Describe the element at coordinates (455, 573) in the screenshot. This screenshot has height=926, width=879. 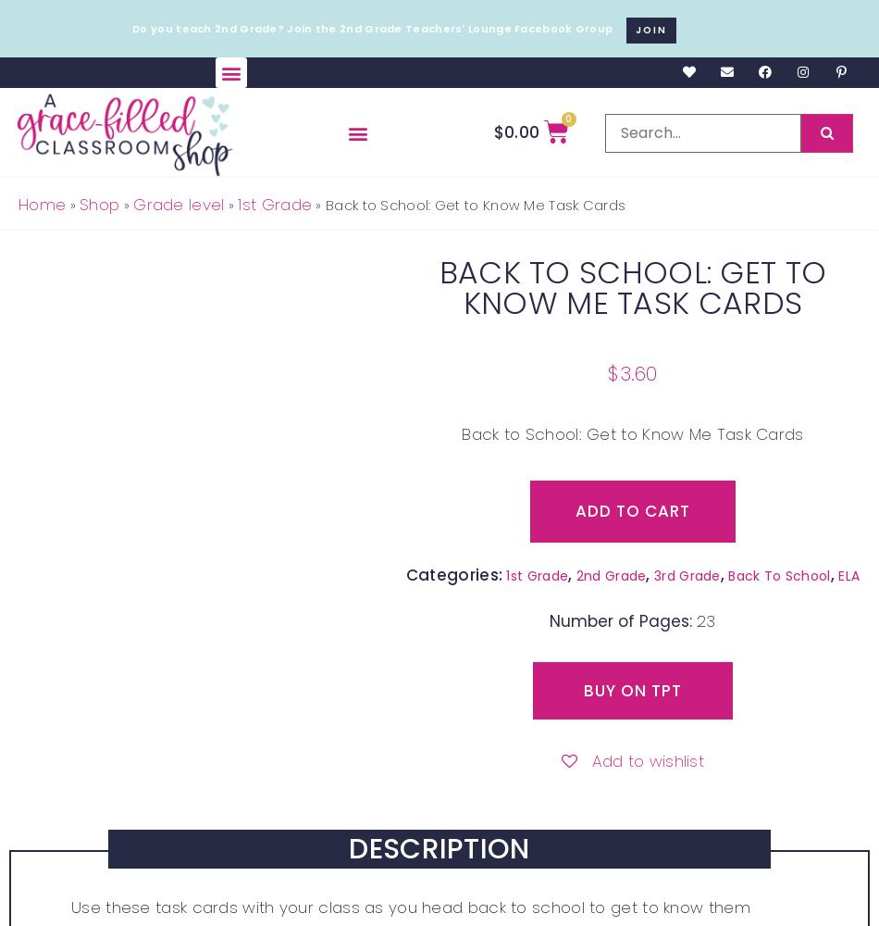
I see `'Categories:'` at that location.